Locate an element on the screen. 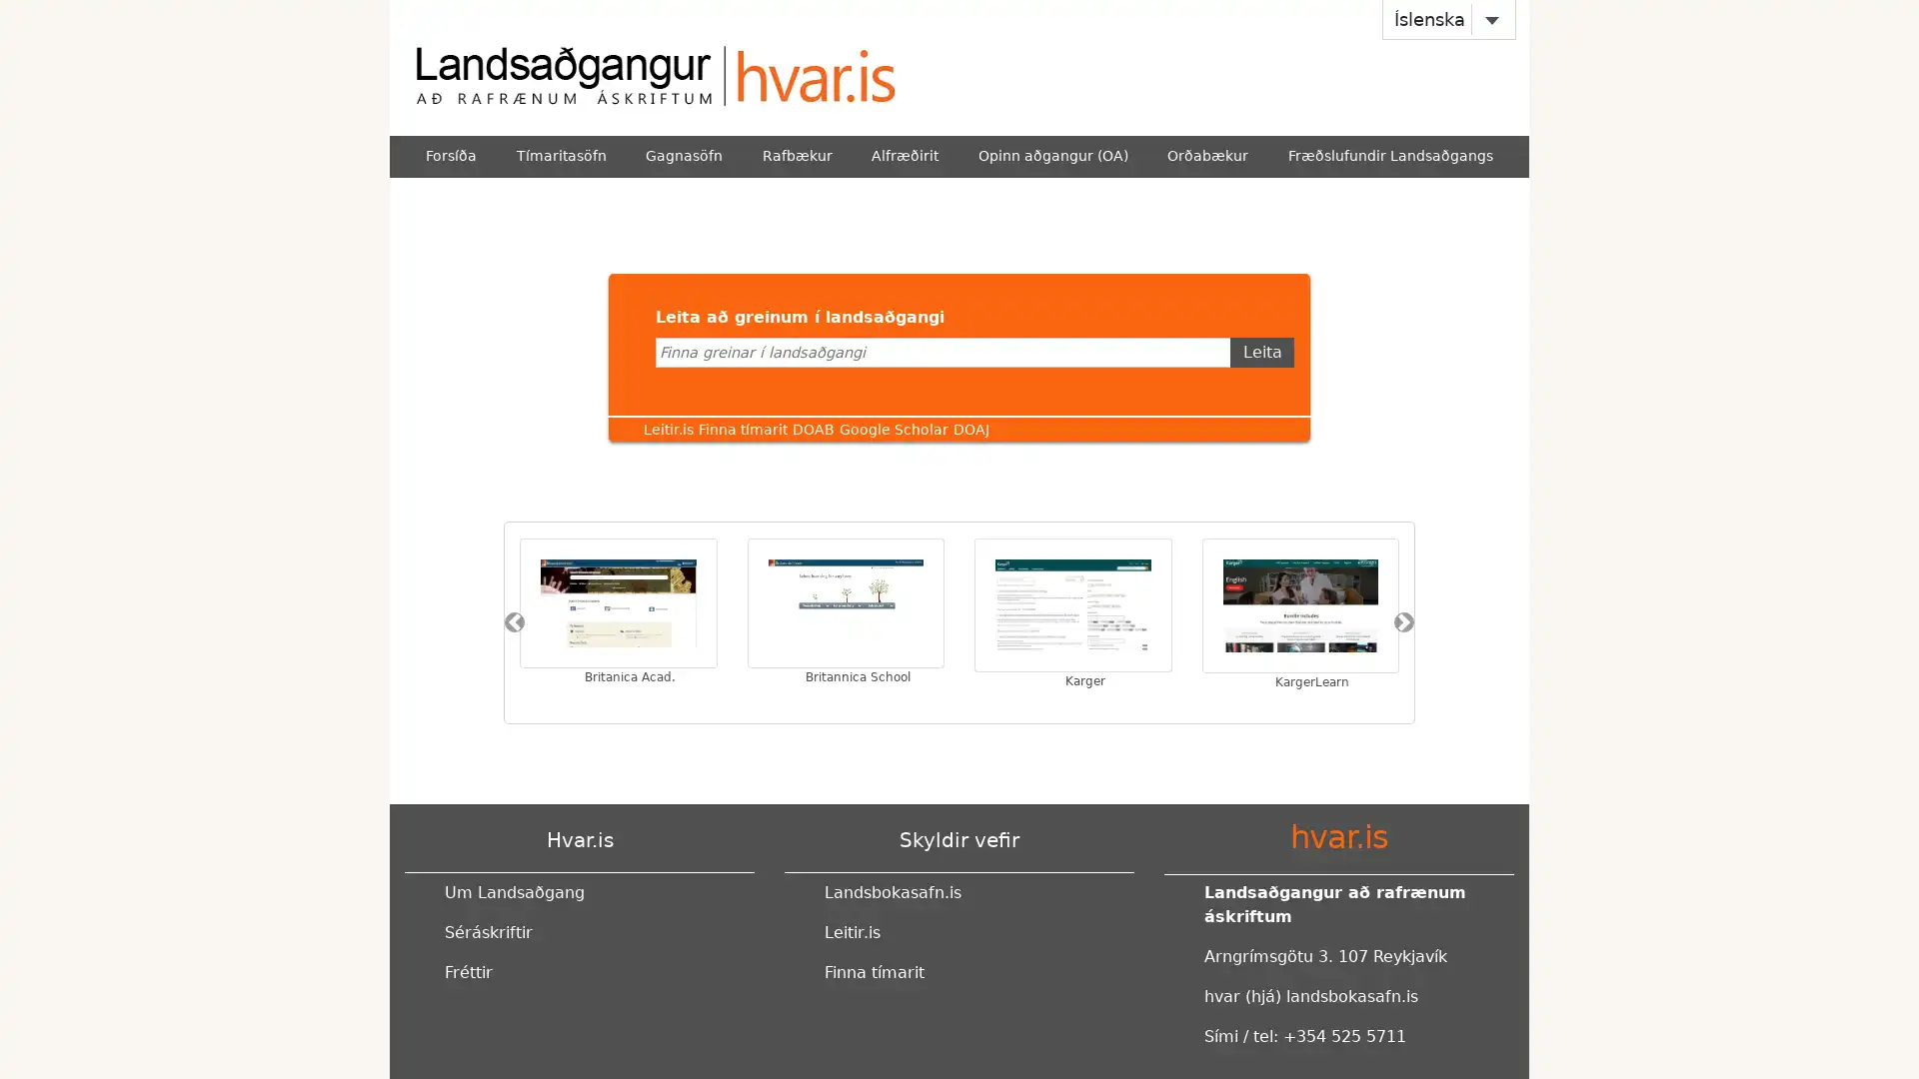 The height and width of the screenshot is (1079, 1919). Previous is located at coordinates (514, 621).